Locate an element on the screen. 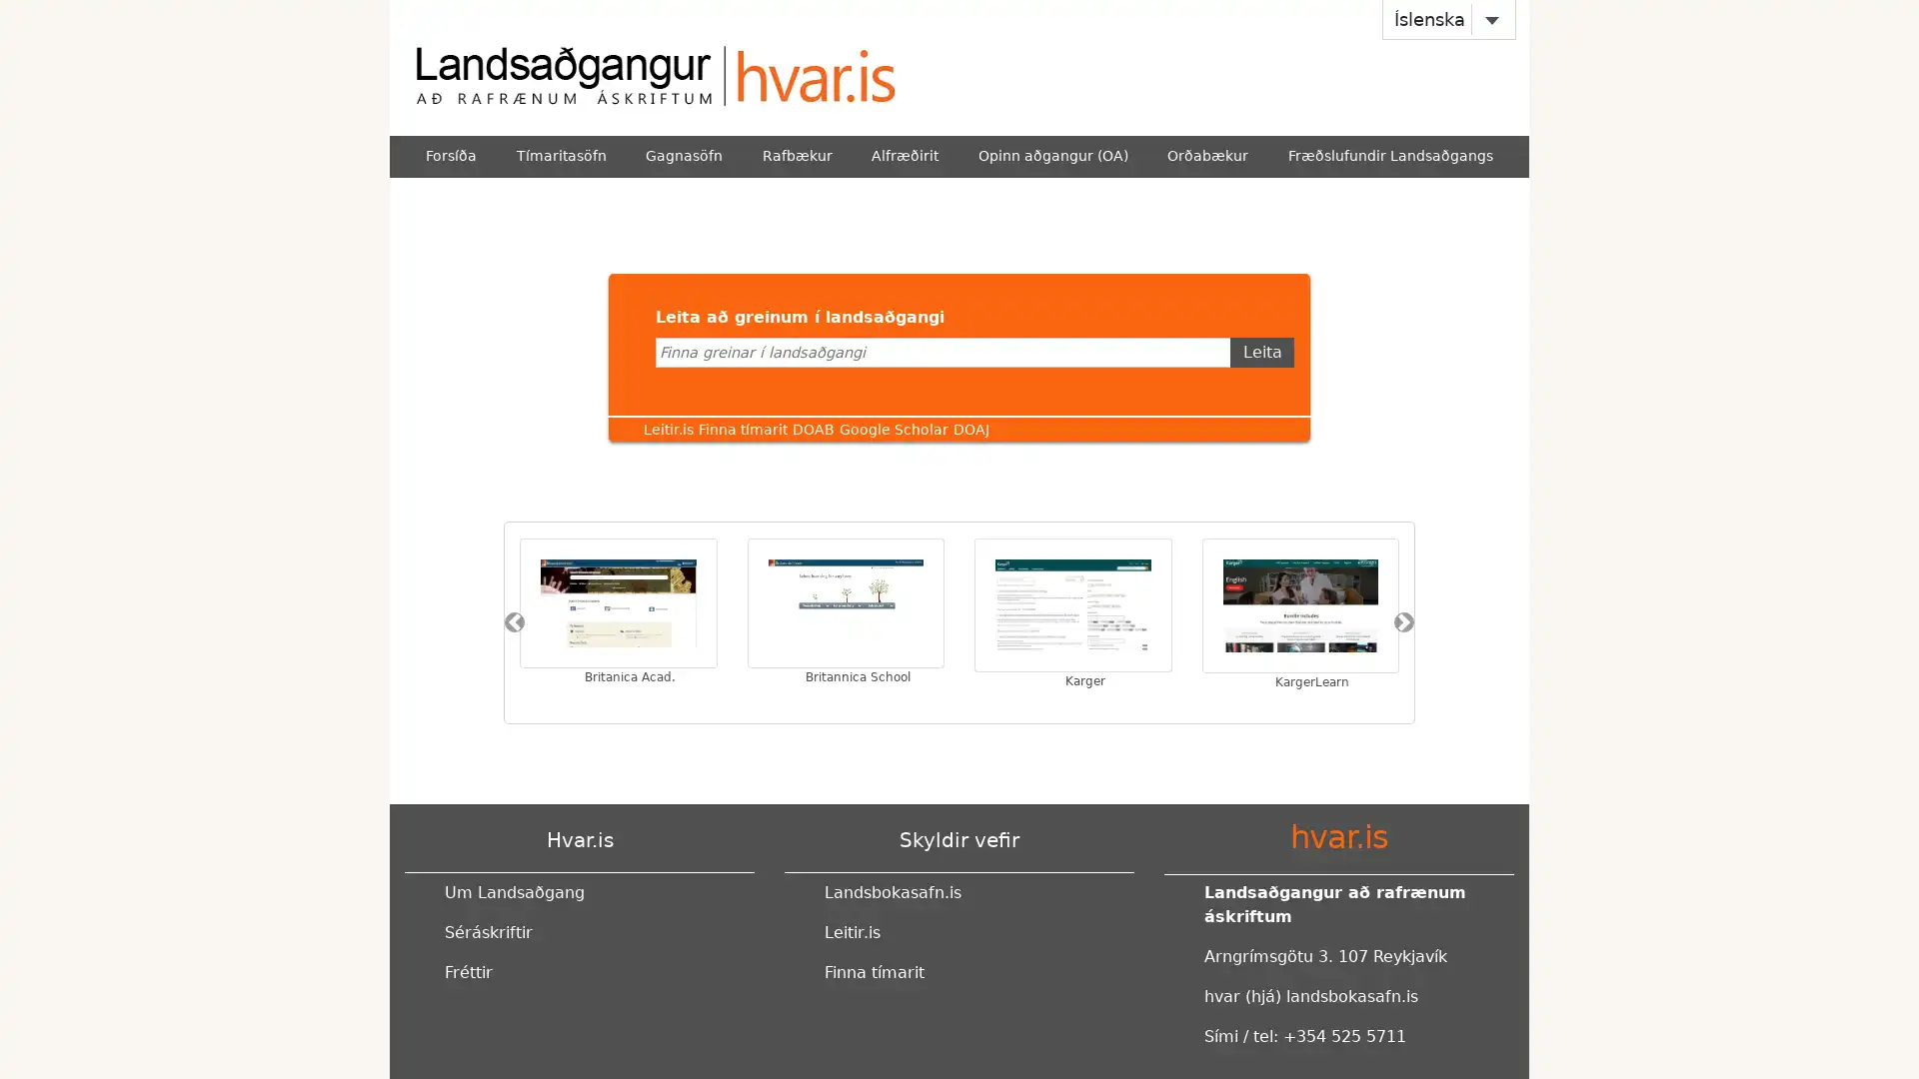 The height and width of the screenshot is (1079, 1919). Previous is located at coordinates (514, 621).